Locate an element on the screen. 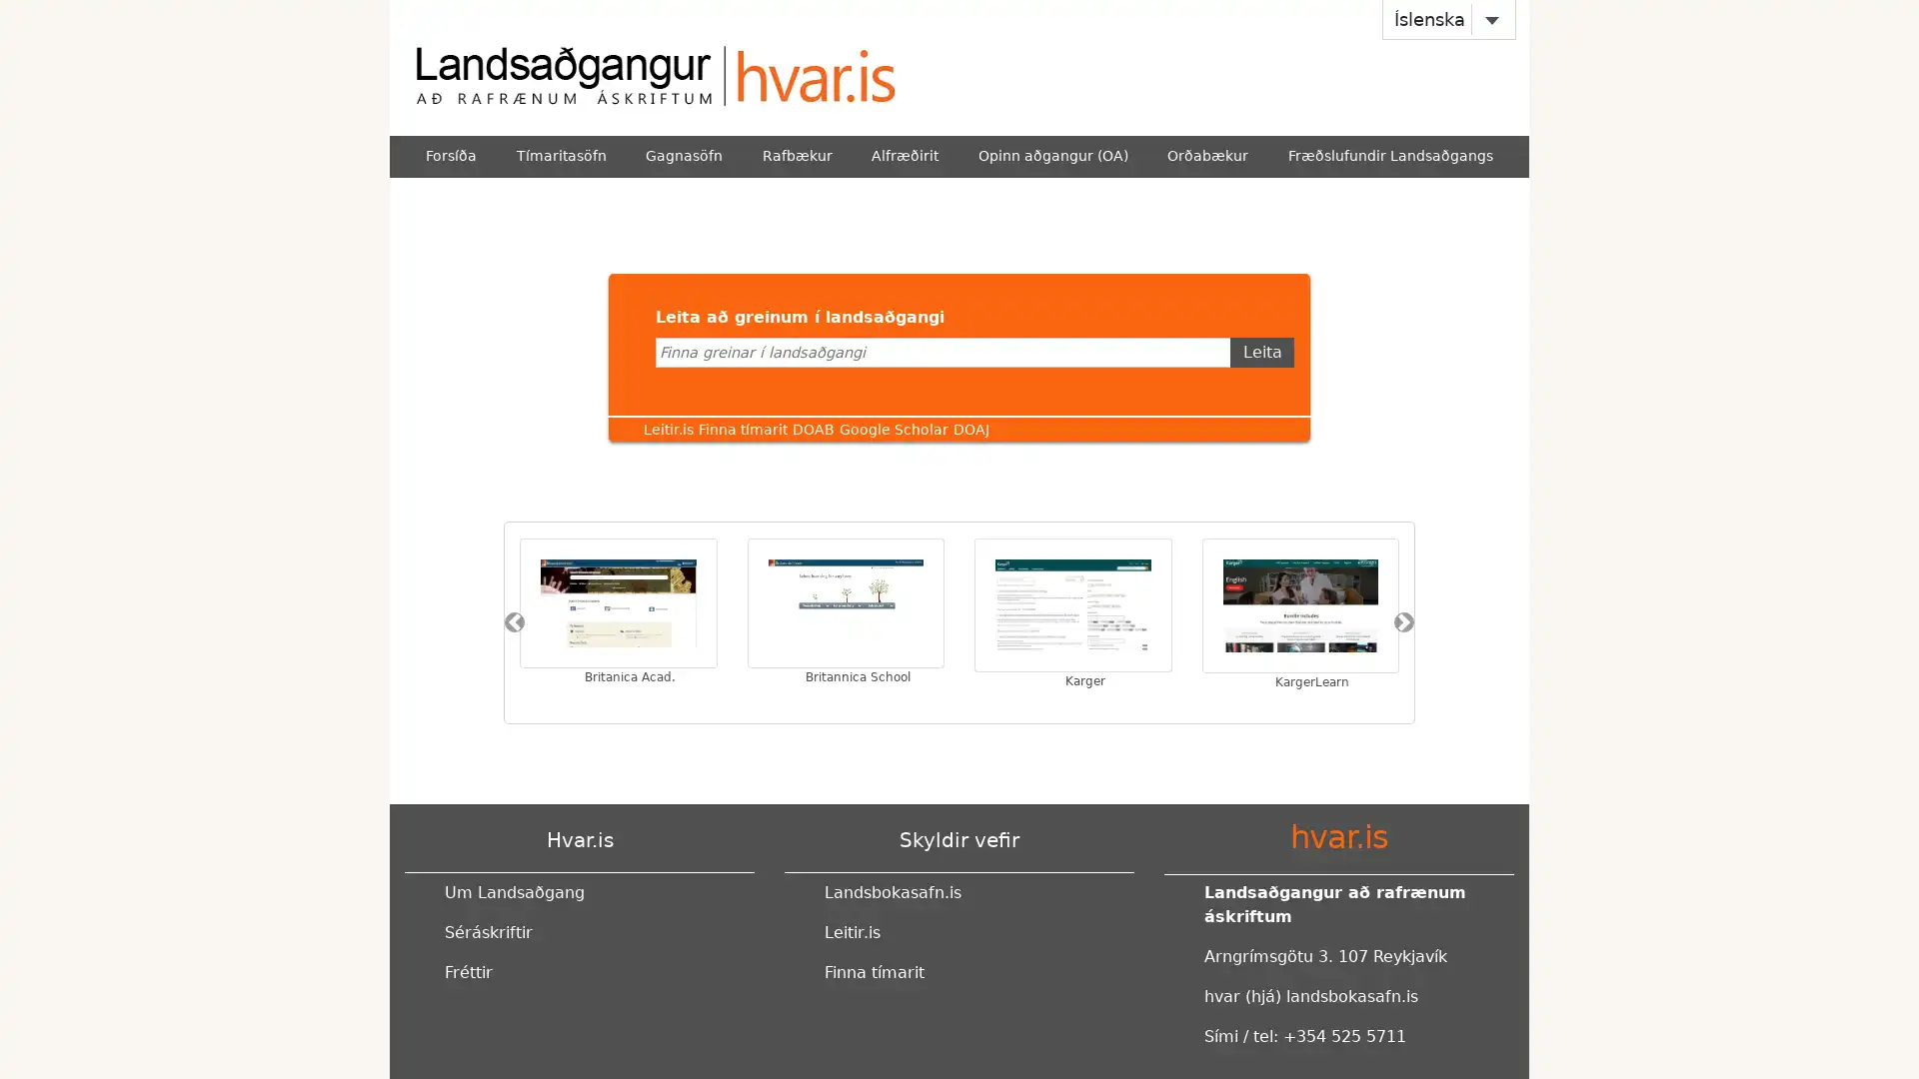 The height and width of the screenshot is (1079, 1919). Previous is located at coordinates (514, 621).